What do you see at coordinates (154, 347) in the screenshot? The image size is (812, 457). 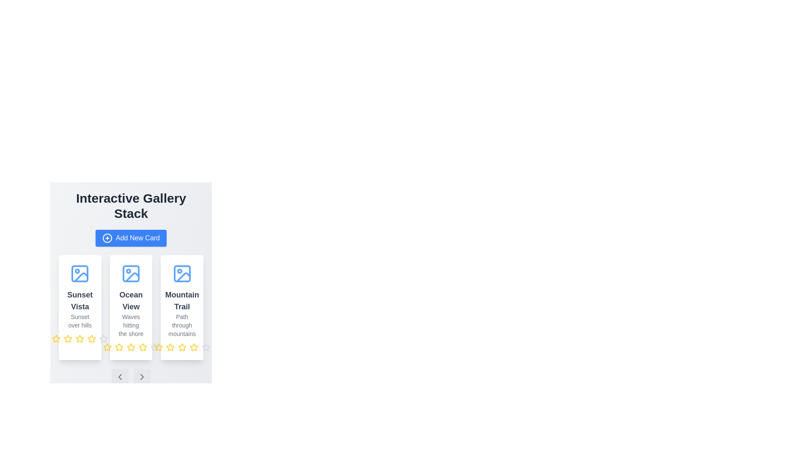 I see `the fifth star in the rating row of the 'Mountain Trail' card, which is not selected` at bounding box center [154, 347].